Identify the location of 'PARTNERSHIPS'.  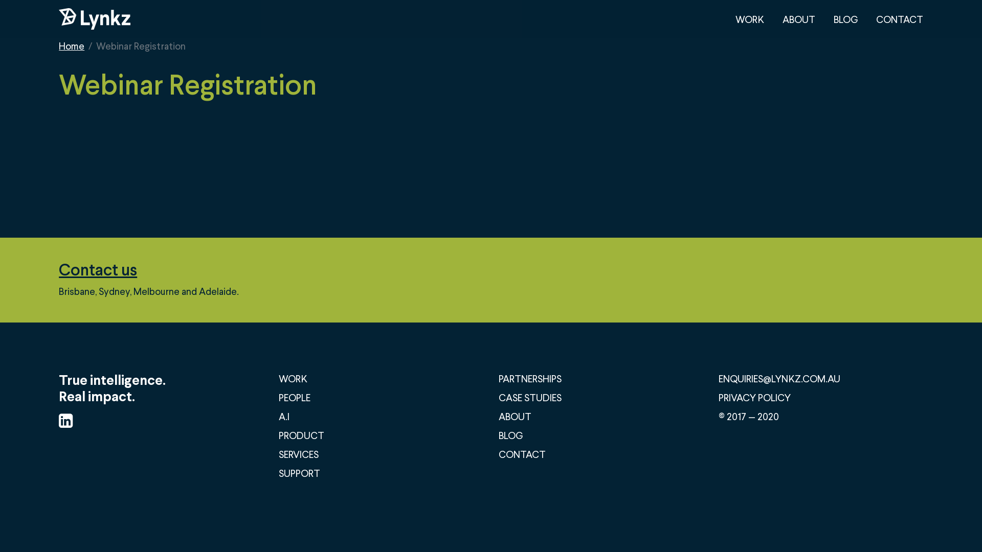
(530, 378).